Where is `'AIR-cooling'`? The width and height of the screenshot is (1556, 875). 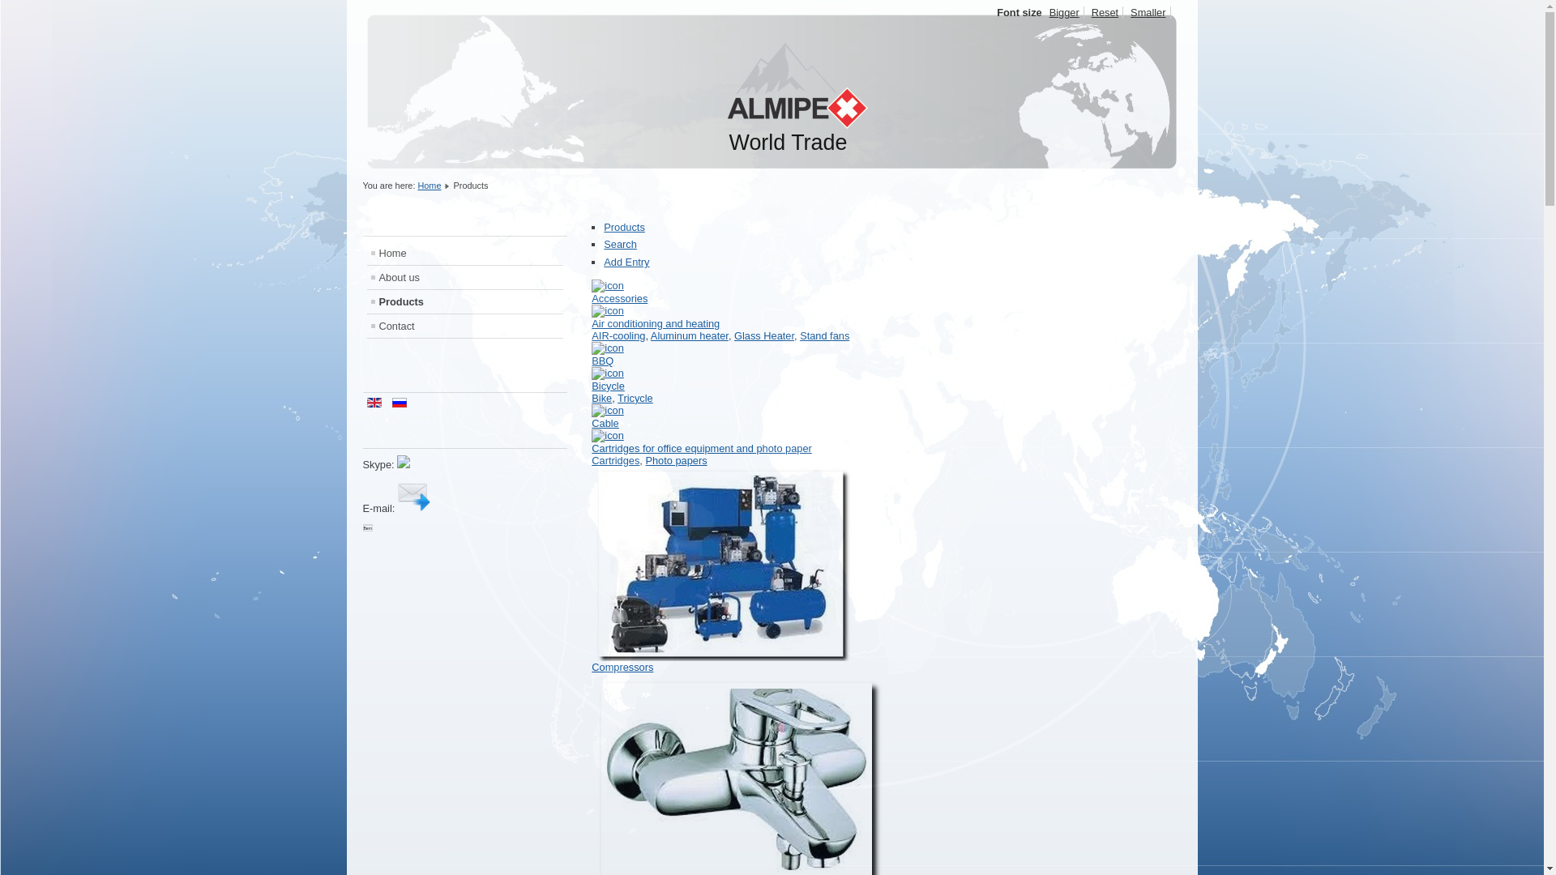
'AIR-cooling' is located at coordinates (618, 335).